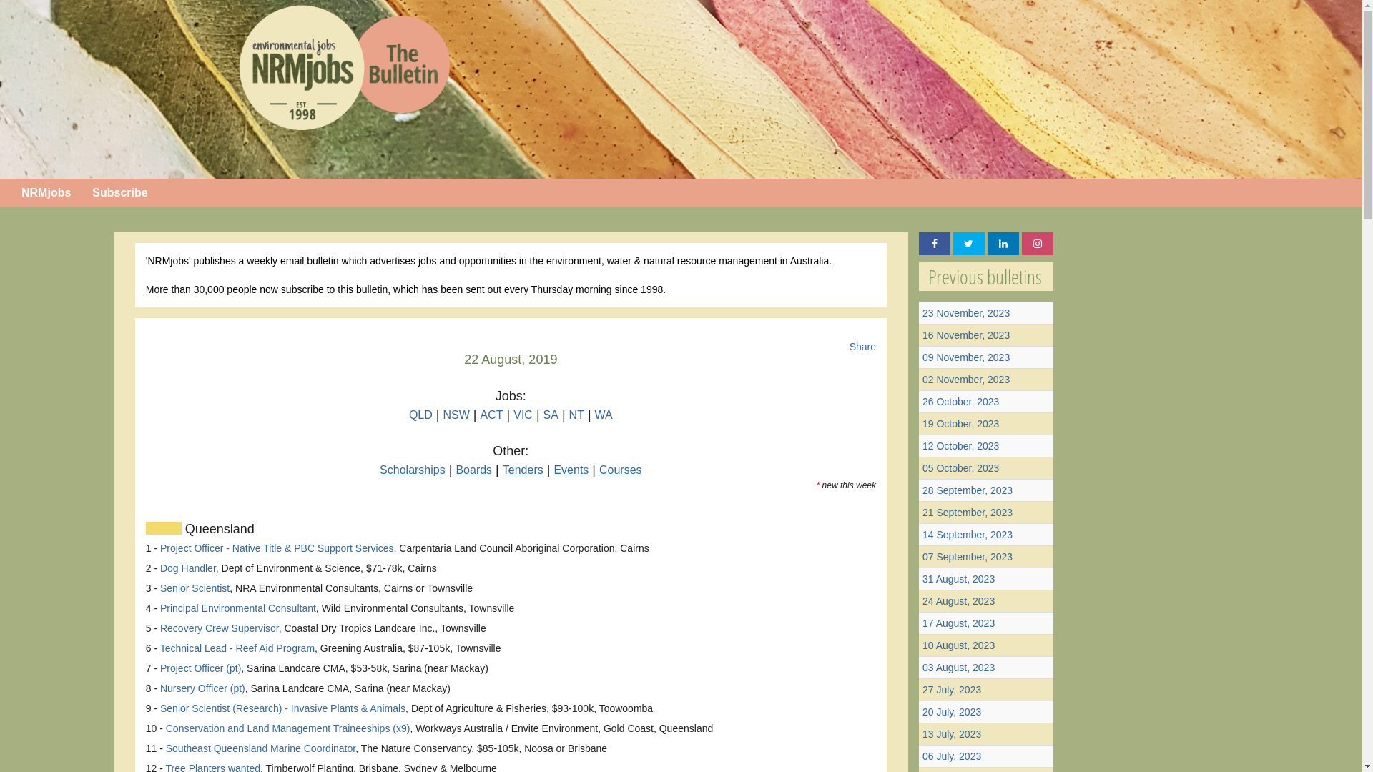 The image size is (1373, 772). Describe the element at coordinates (200, 668) in the screenshot. I see `'Project Officer (pt)'` at that location.